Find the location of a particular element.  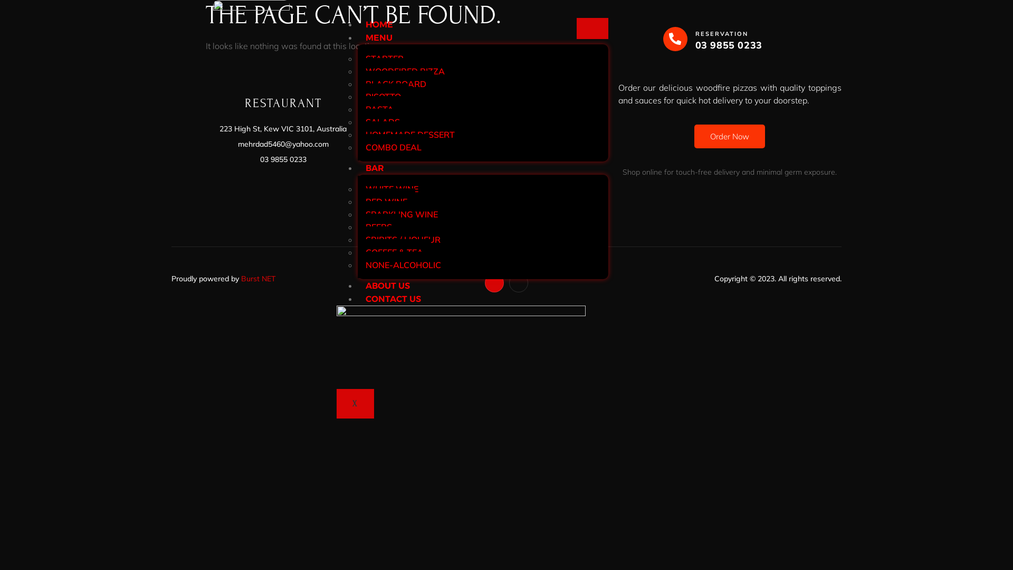

'PASTA' is located at coordinates (379, 109).